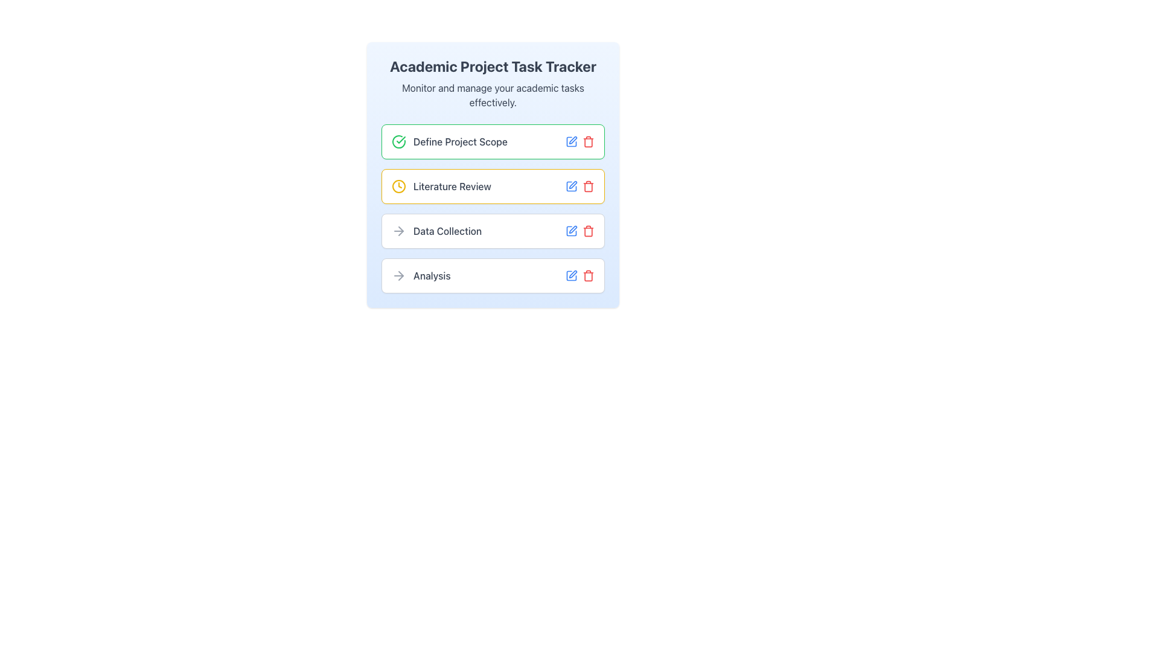  Describe the element at coordinates (447, 231) in the screenshot. I see `text label displaying 'Data Collection', which is the third item in a vertical list of tasks, positioned between 'Literature Review' and 'Analysis'` at that location.